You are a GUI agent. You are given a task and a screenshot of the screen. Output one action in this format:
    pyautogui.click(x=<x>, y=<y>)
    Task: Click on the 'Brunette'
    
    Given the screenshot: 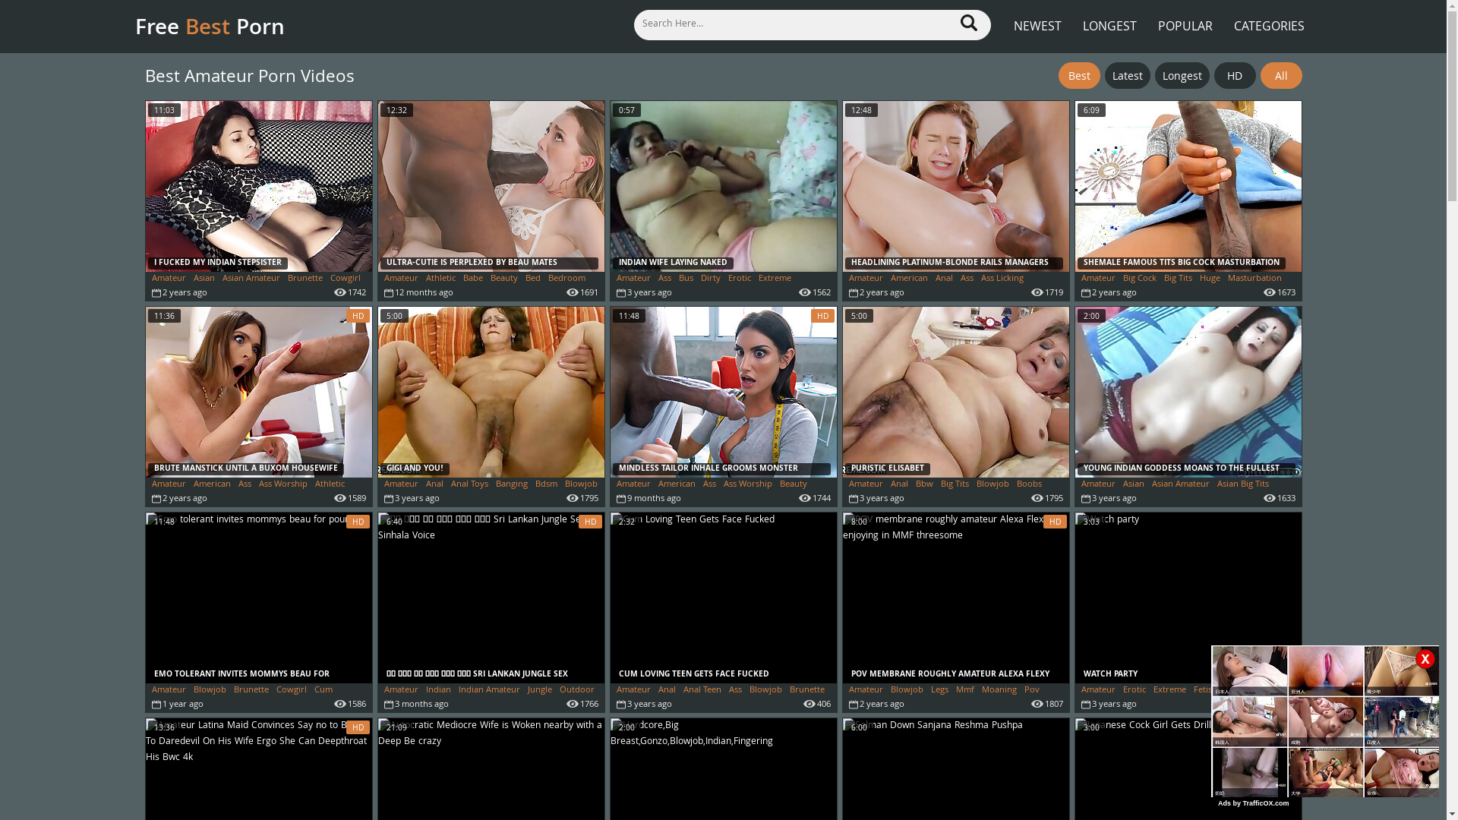 What is the action you would take?
    pyautogui.click(x=304, y=279)
    